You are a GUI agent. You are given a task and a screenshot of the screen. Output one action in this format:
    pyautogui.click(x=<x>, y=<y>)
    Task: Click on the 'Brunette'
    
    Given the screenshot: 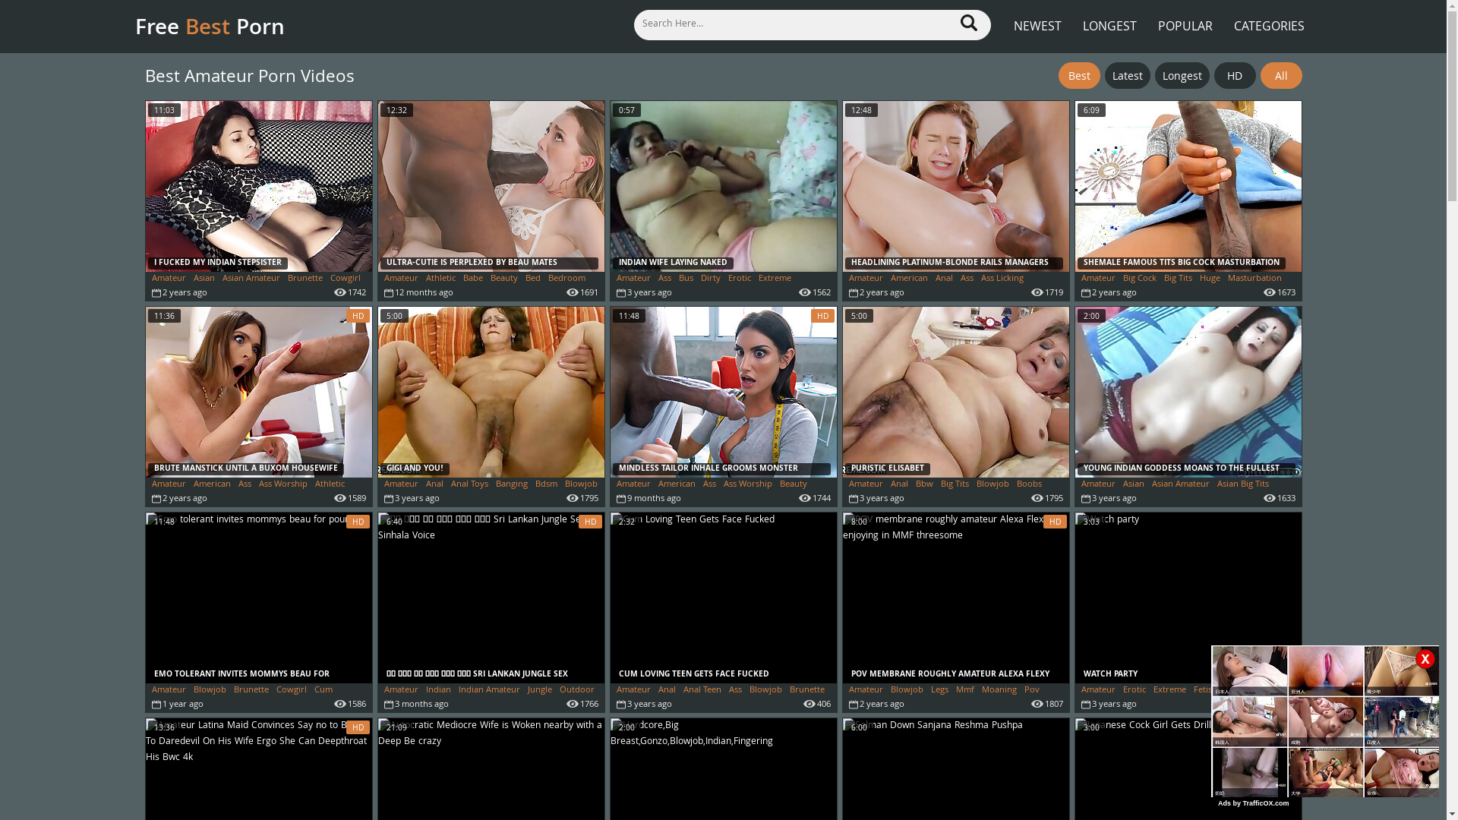 What is the action you would take?
    pyautogui.click(x=304, y=279)
    